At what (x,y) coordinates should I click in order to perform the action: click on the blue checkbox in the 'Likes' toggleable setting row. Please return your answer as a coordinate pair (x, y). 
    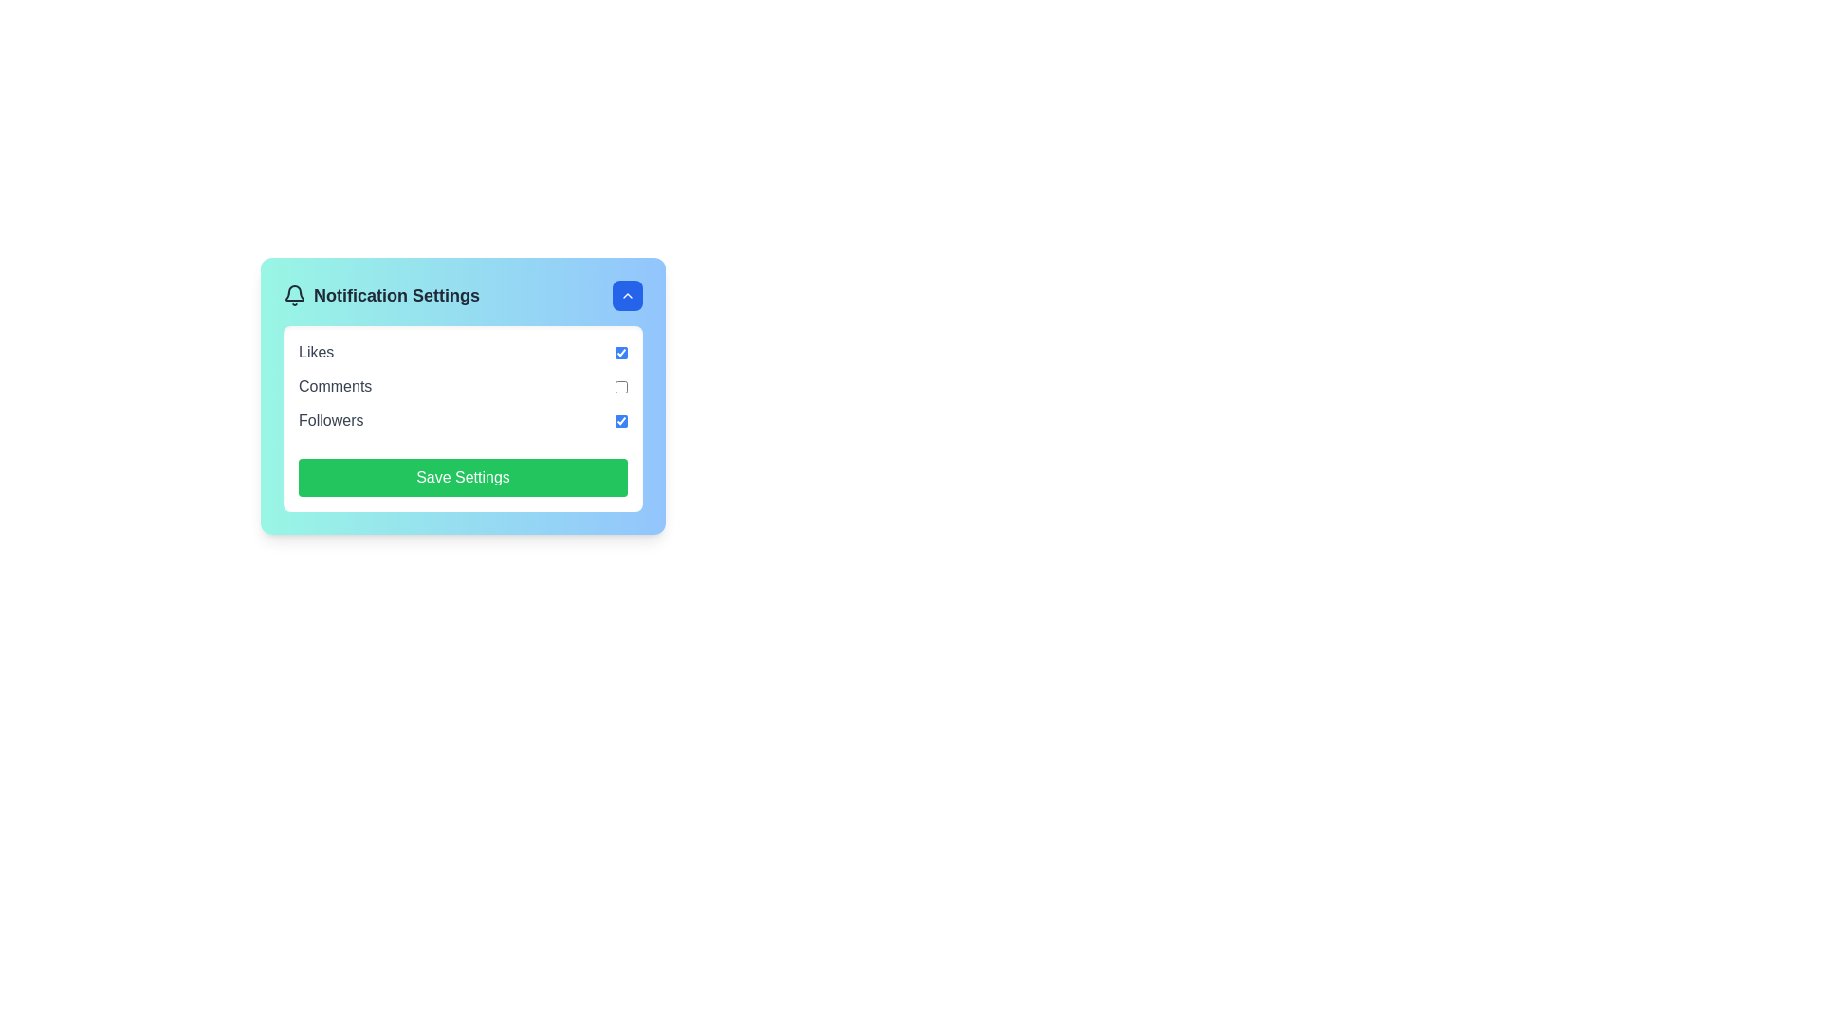
    Looking at the image, I should click on (463, 352).